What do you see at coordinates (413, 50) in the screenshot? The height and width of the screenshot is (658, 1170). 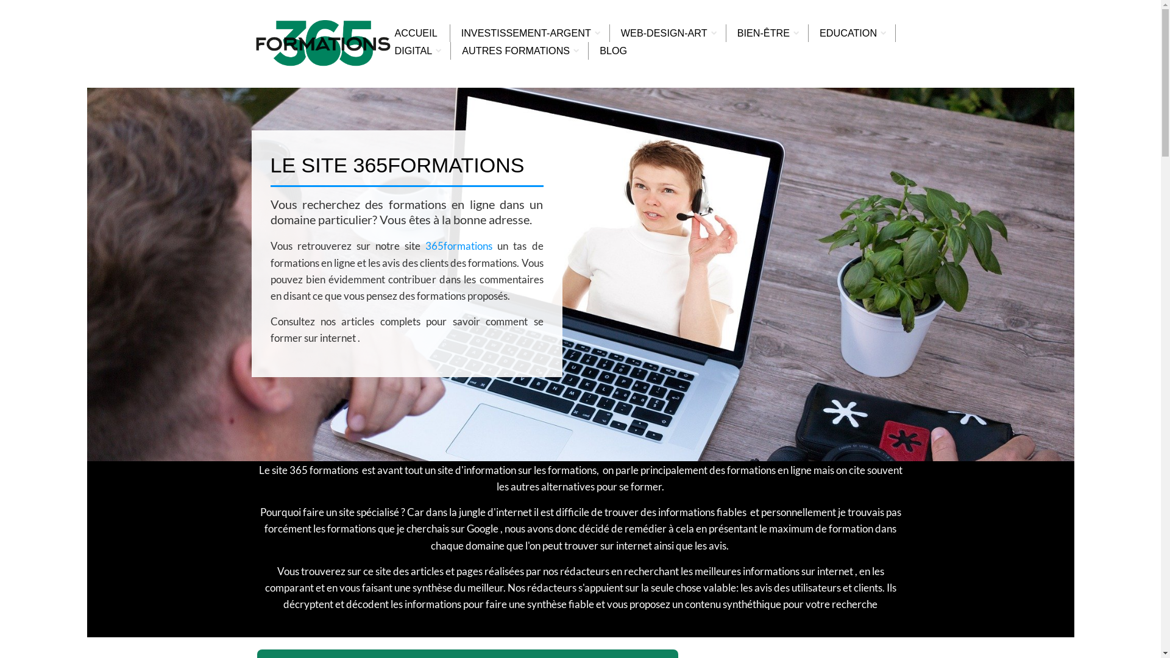 I see `'DIGITAL'` at bounding box center [413, 50].